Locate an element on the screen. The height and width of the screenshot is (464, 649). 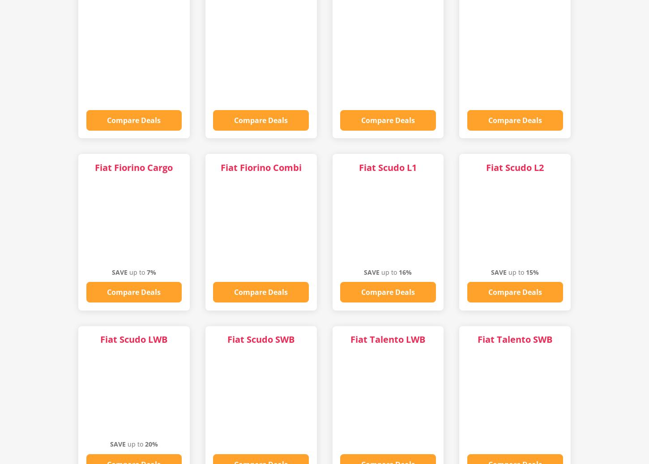
'Fiat Talento SWB' is located at coordinates (478, 339).